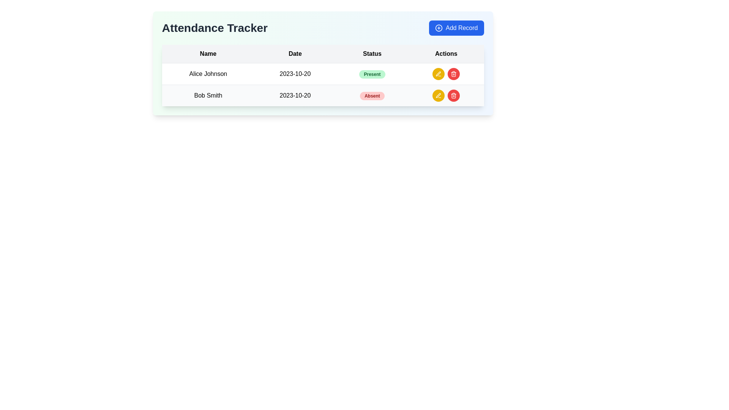 This screenshot has width=729, height=410. I want to click on the minimalist trash can icon button with a red circular background located in the 'Actions' column of the second row, so click(454, 74).